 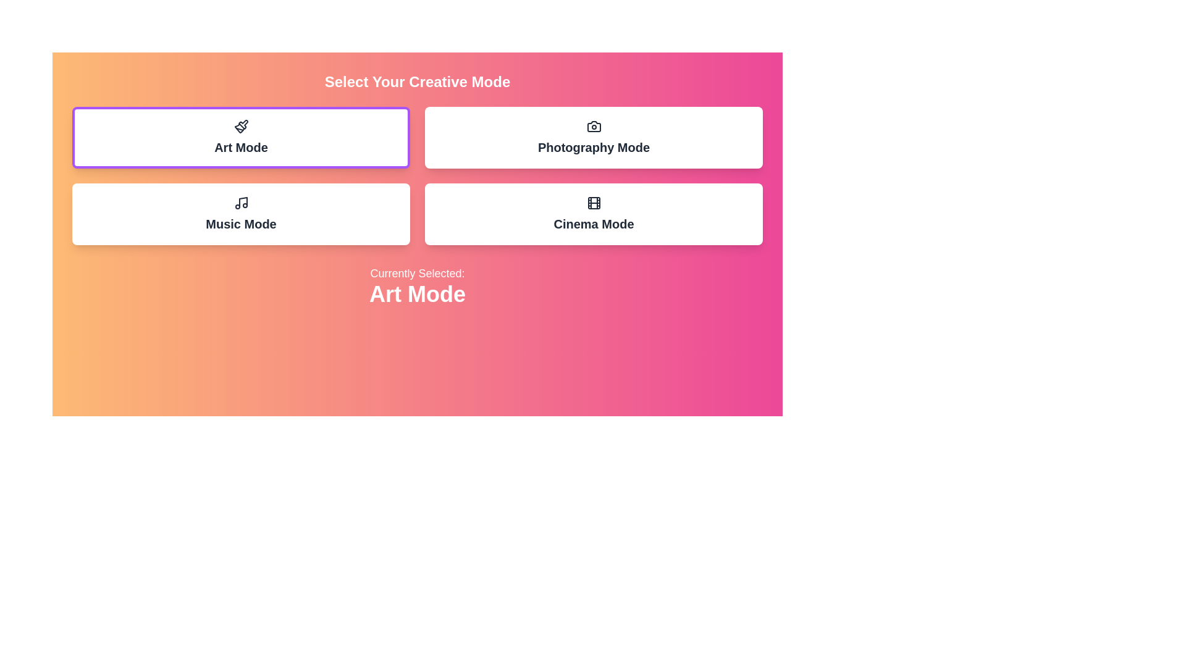 I want to click on the button corresponding to Music Mode to select it, so click(x=241, y=214).